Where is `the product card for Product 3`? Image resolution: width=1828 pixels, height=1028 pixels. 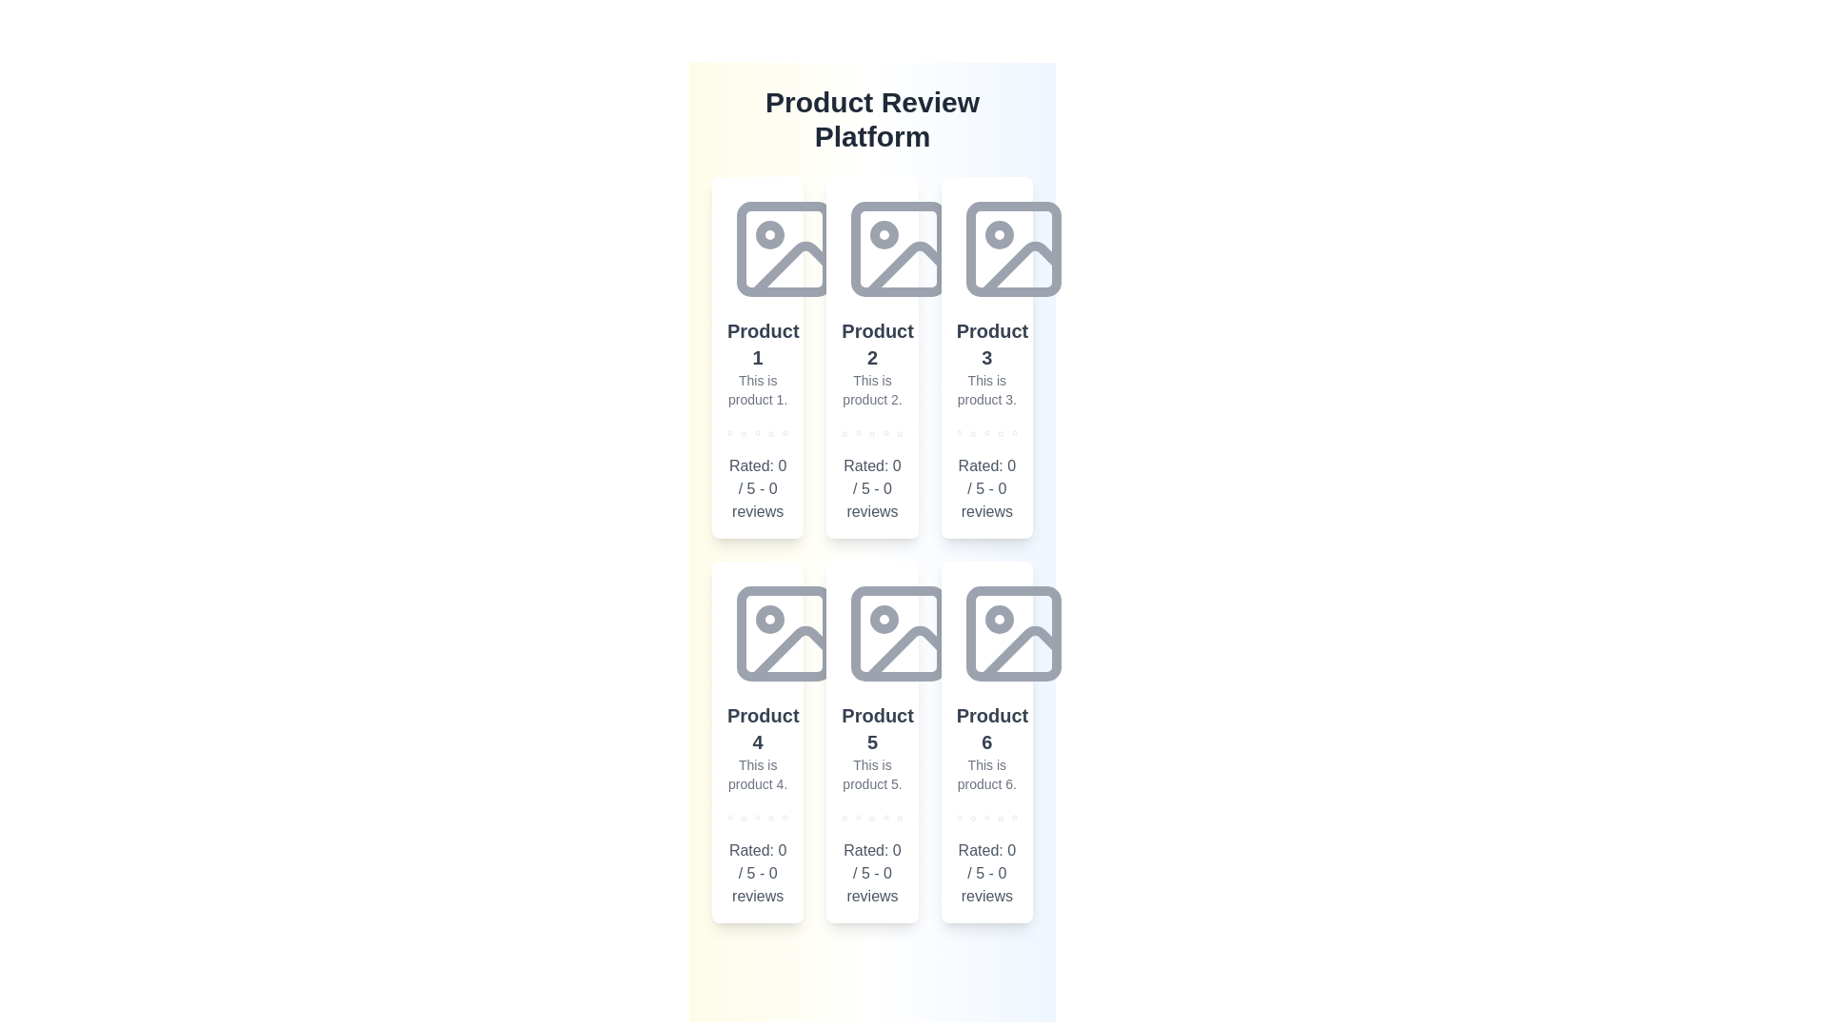 the product card for Product 3 is located at coordinates (986, 357).